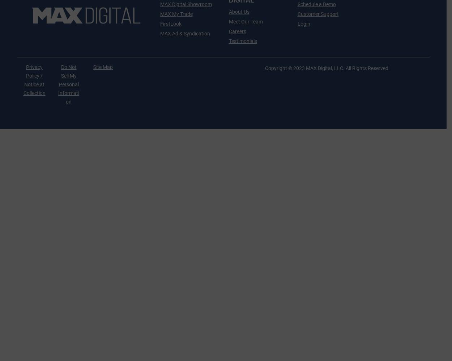 This screenshot has height=361, width=452. Describe the element at coordinates (68, 84) in the screenshot. I see `'Do Not Sell My Personal Information'` at that location.